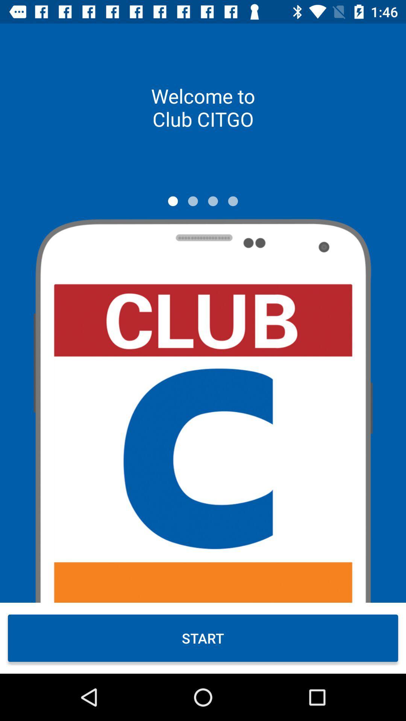  What do you see at coordinates (192, 201) in the screenshot?
I see `icon below welcome to club item` at bounding box center [192, 201].